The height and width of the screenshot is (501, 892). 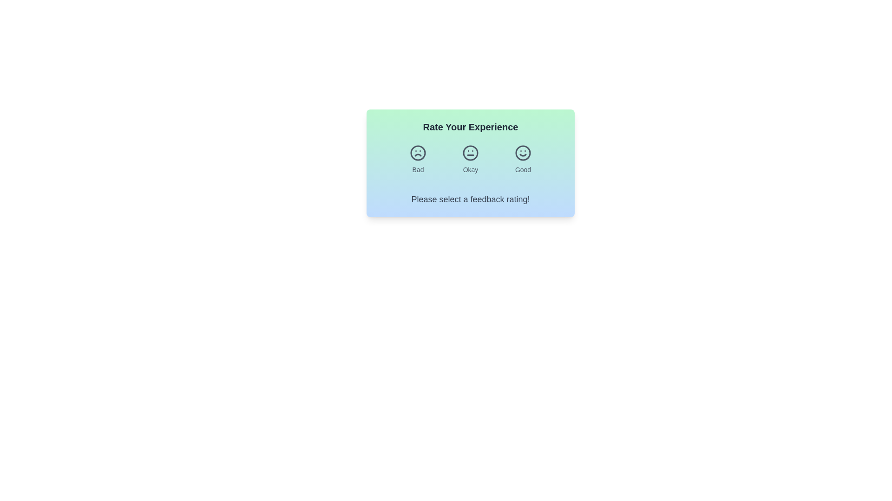 What do you see at coordinates (523, 159) in the screenshot?
I see `the feedback button labeled Good` at bounding box center [523, 159].